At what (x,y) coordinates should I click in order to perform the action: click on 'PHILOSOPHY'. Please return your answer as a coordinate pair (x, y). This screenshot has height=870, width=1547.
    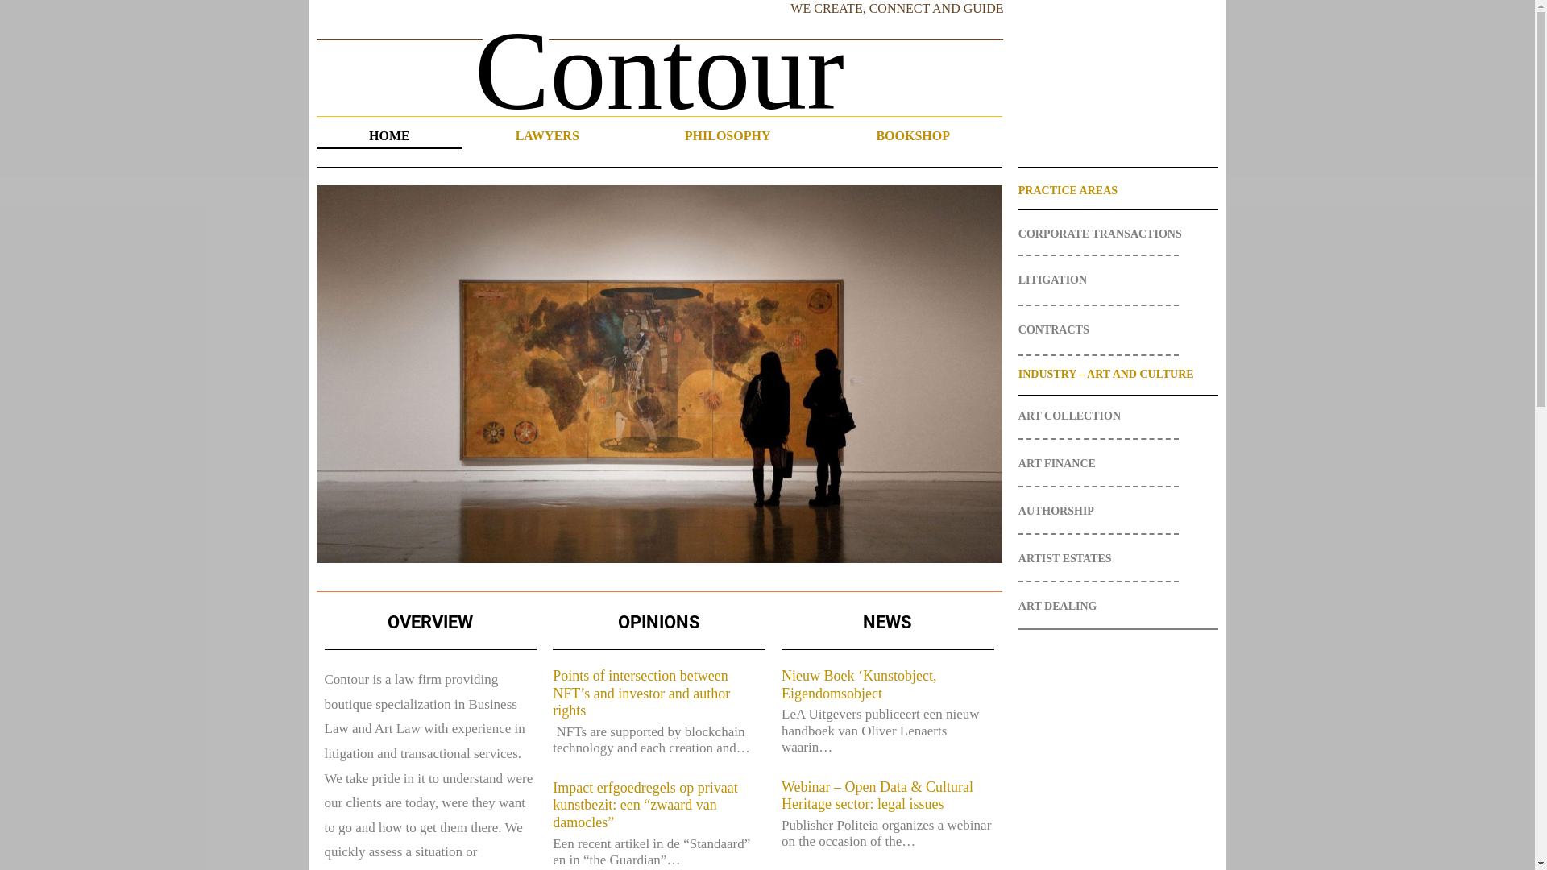
    Looking at the image, I should click on (726, 135).